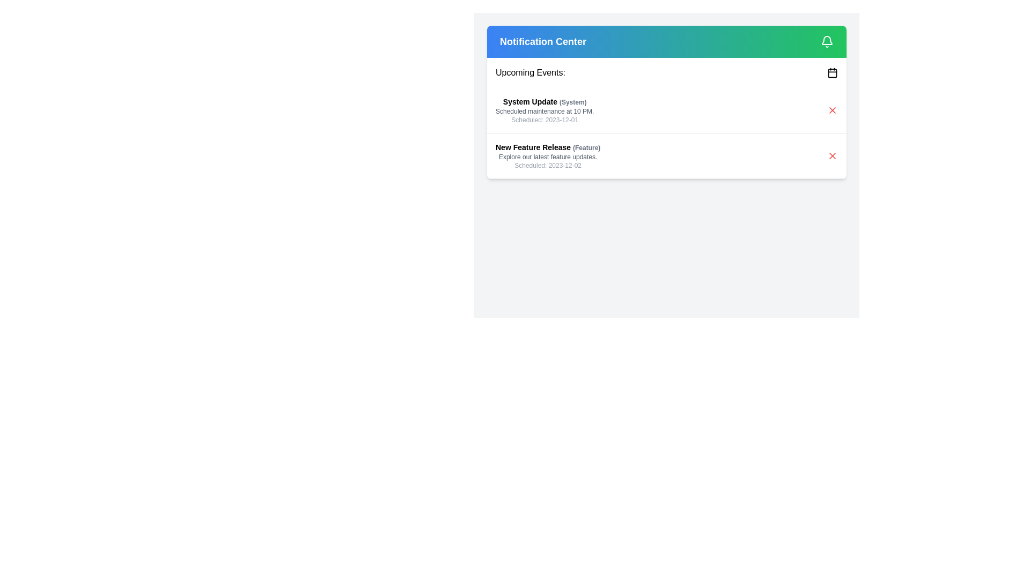 The width and height of the screenshot is (1030, 579). I want to click on the text label displaying '(System)' located within the 'System Update (System)' content area in the 'Notification Center' modal, so click(572, 102).